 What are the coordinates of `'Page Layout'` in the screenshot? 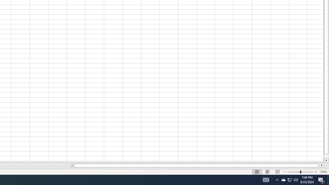 It's located at (267, 172).